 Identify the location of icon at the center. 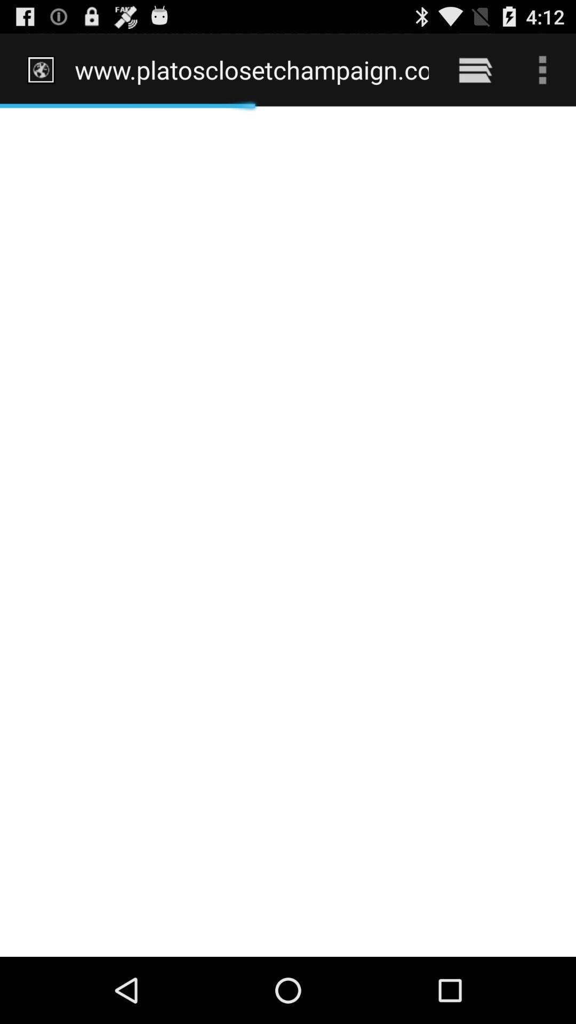
(288, 531).